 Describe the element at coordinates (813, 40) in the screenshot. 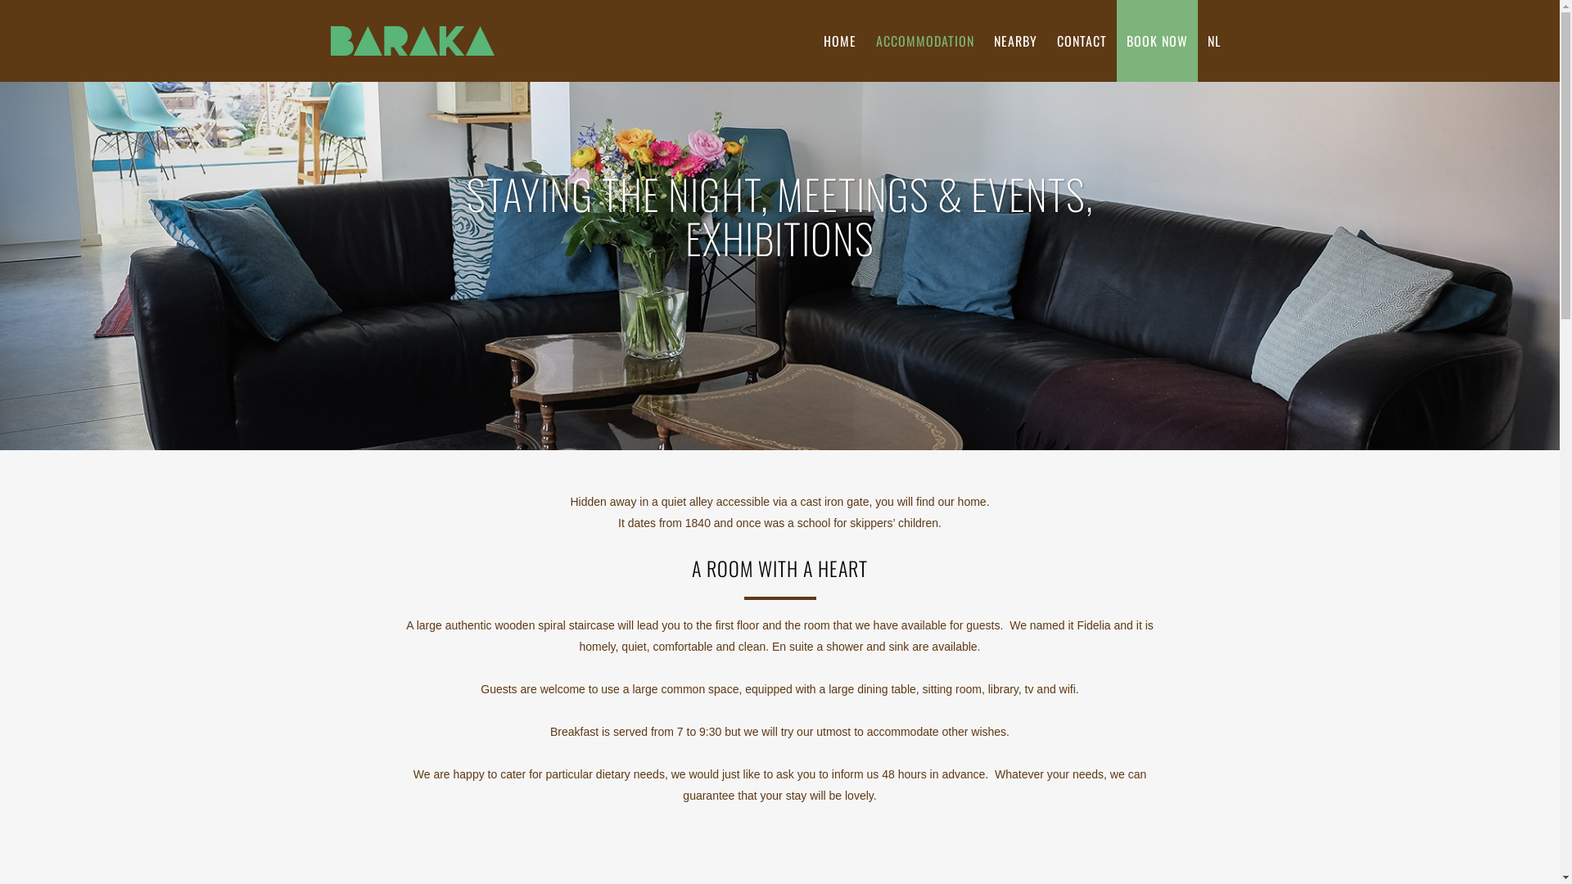

I see `'HOME'` at that location.